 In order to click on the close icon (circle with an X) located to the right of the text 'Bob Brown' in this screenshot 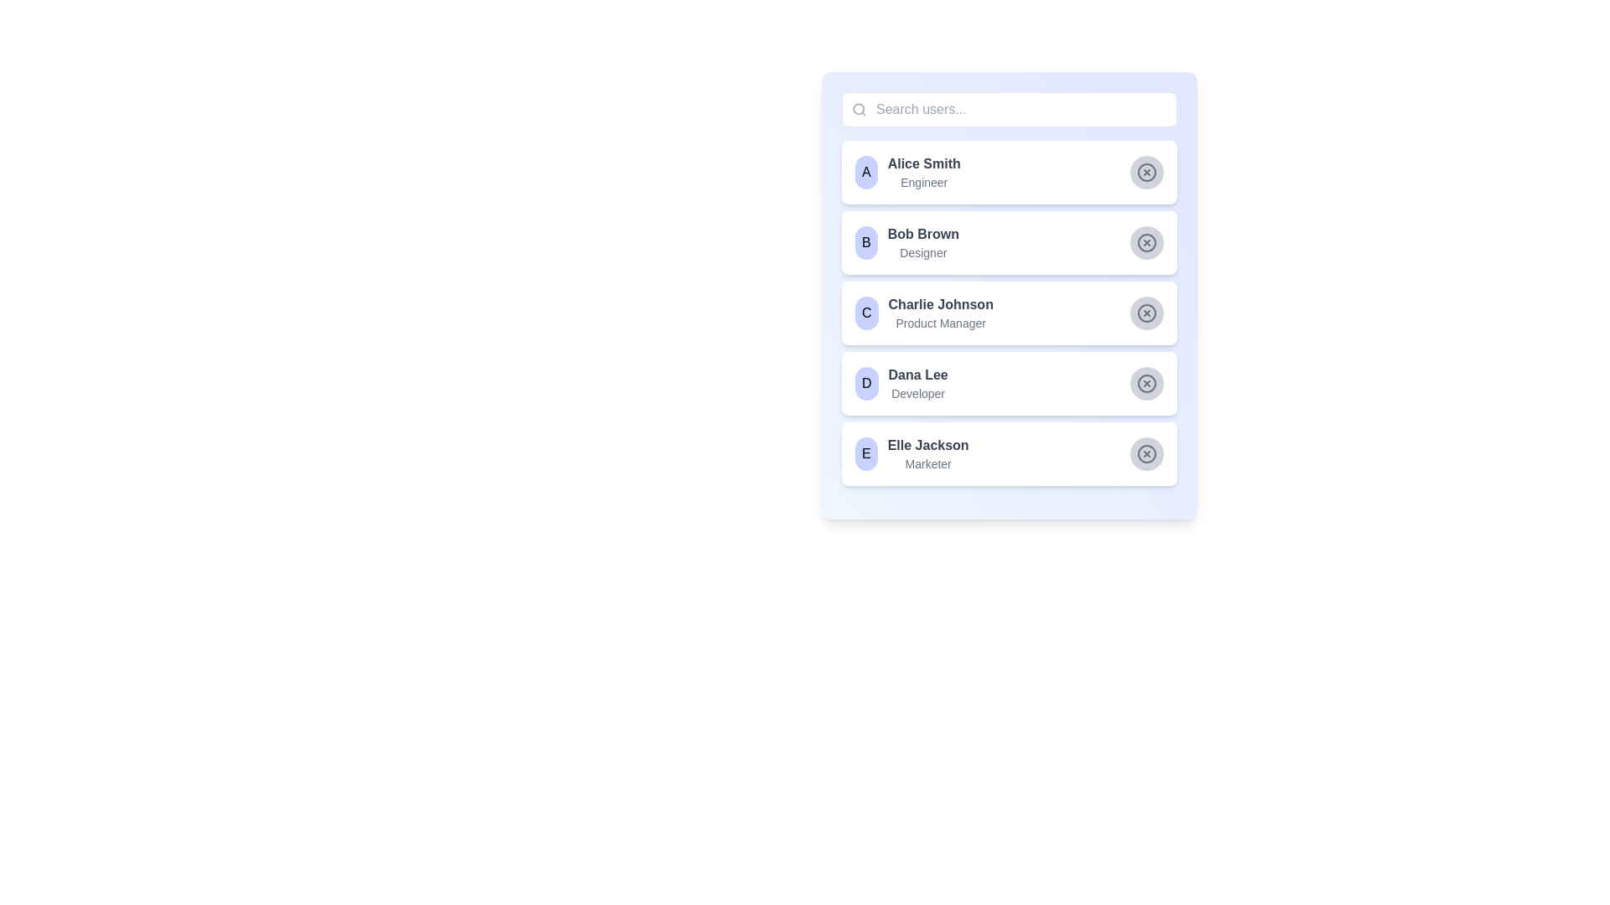, I will do `click(1146, 242)`.